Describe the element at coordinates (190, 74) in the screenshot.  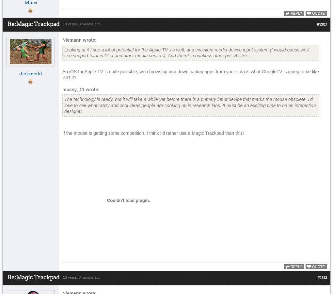
I see `'An iOS for Apple TV is quite possible, web browsing and downloading apps from your sofa is what GoogleTV is going to be like isn't it?'` at that location.